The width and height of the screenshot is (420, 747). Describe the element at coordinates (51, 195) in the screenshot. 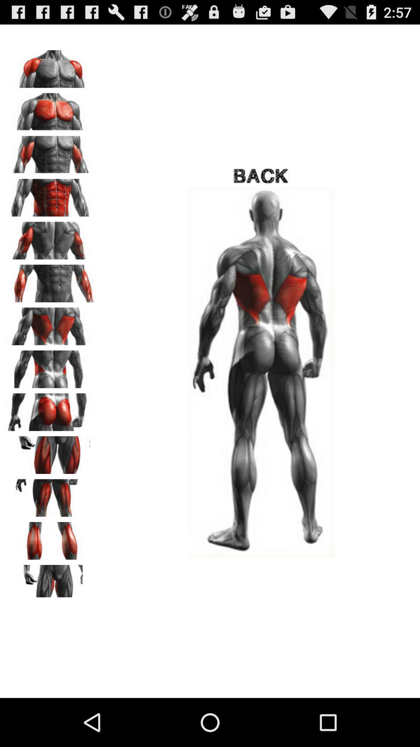

I see `show abs` at that location.